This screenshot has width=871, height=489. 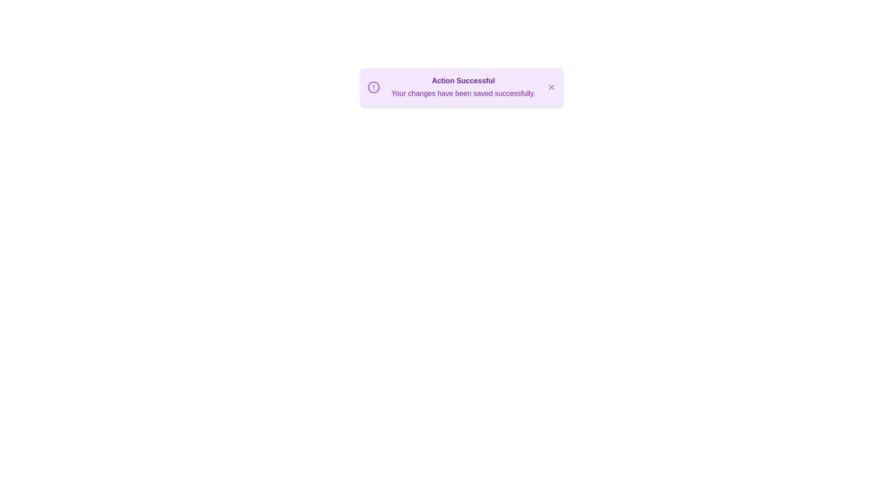 What do you see at coordinates (373, 87) in the screenshot?
I see `the alert icon to trigger its associated action` at bounding box center [373, 87].